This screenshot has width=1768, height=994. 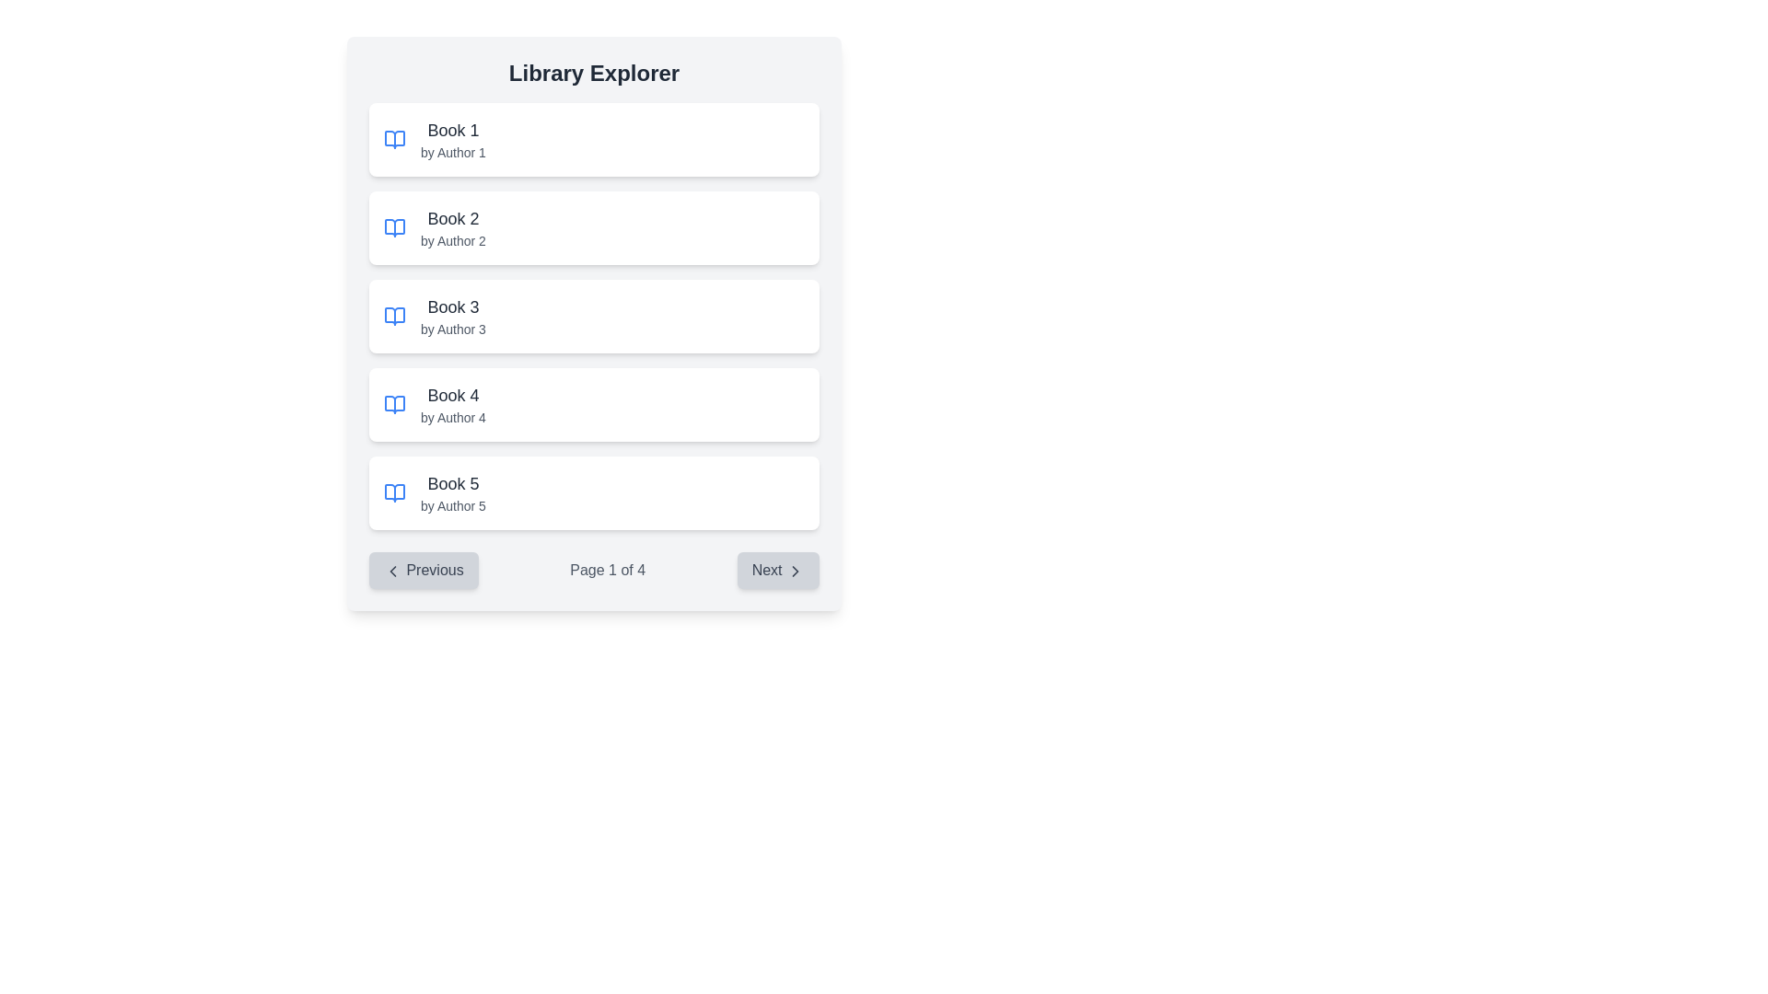 I want to click on the open book icon with a blue outline, which is part of the 'lucide' icon set, located at the beginning of the row for 'Book 5 by Author 5', so click(x=393, y=492).